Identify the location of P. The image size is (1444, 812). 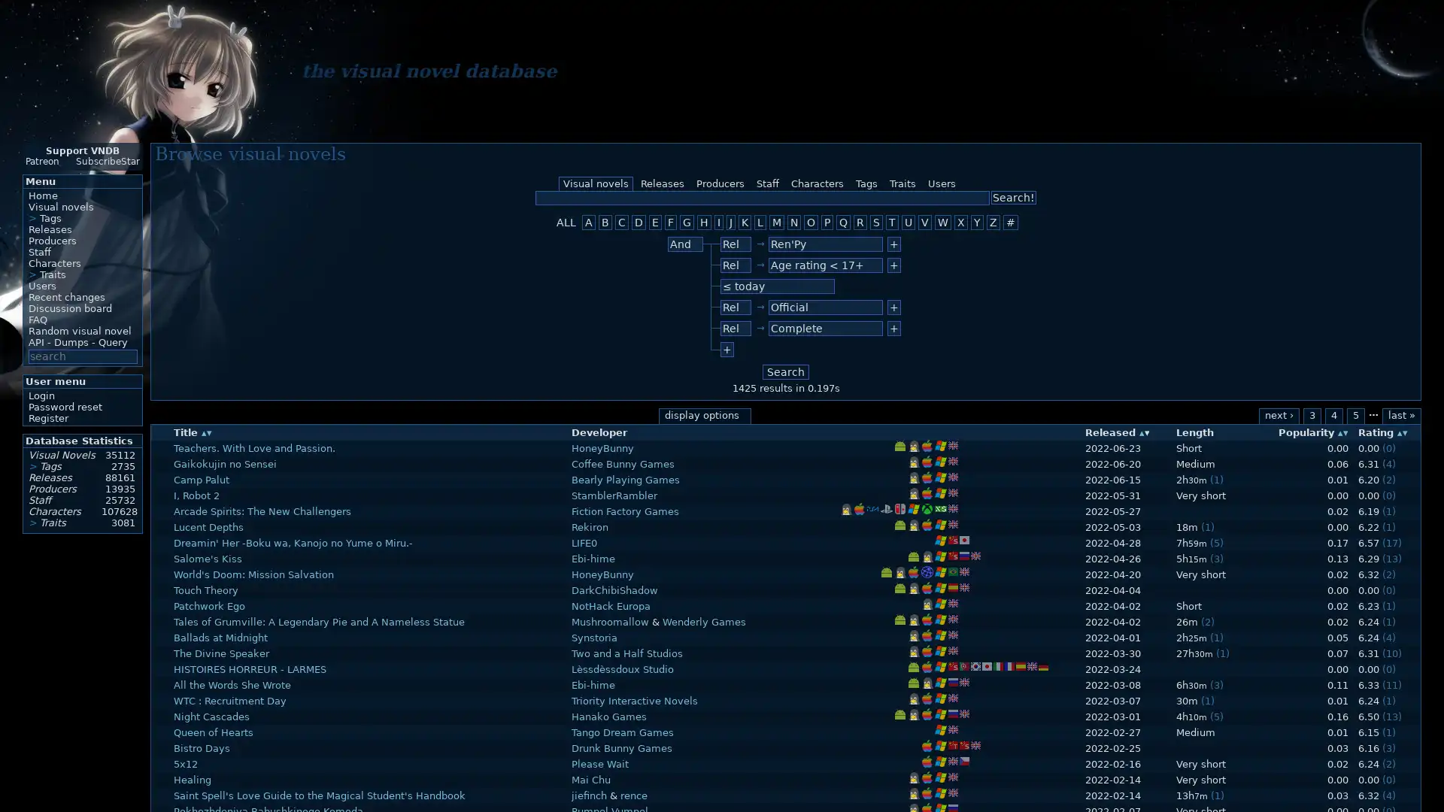
(826, 223).